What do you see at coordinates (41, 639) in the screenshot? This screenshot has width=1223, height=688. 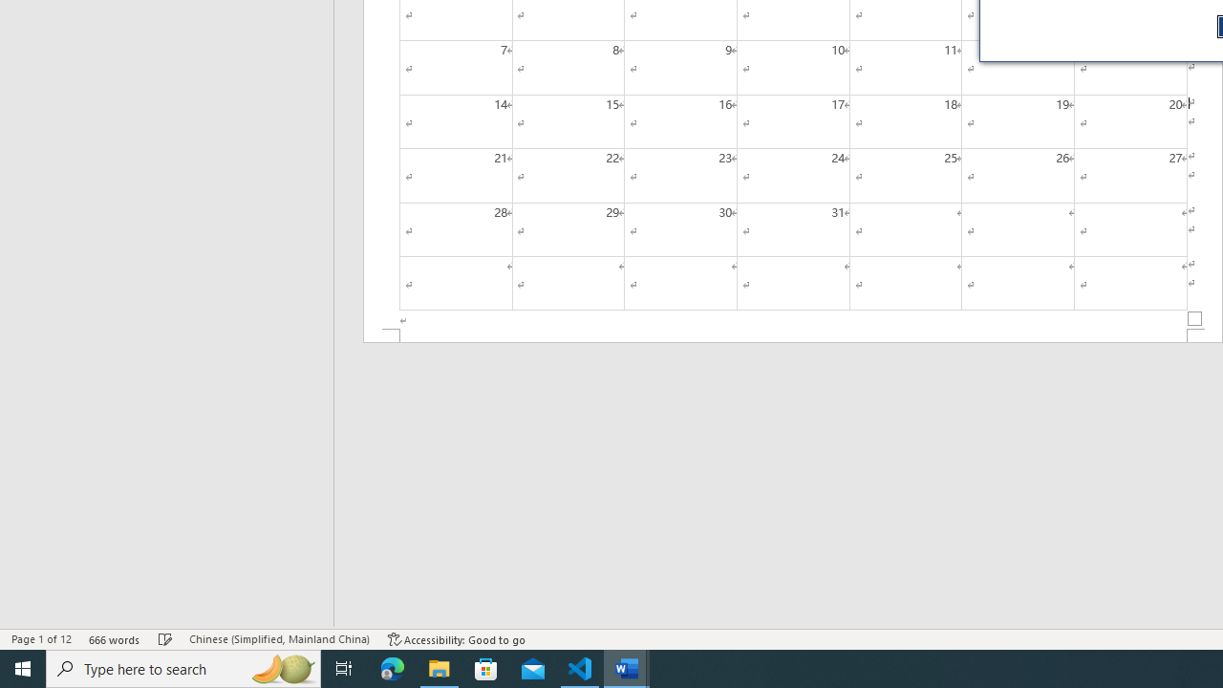 I see `'Page Number Page 1 of 12'` at bounding box center [41, 639].